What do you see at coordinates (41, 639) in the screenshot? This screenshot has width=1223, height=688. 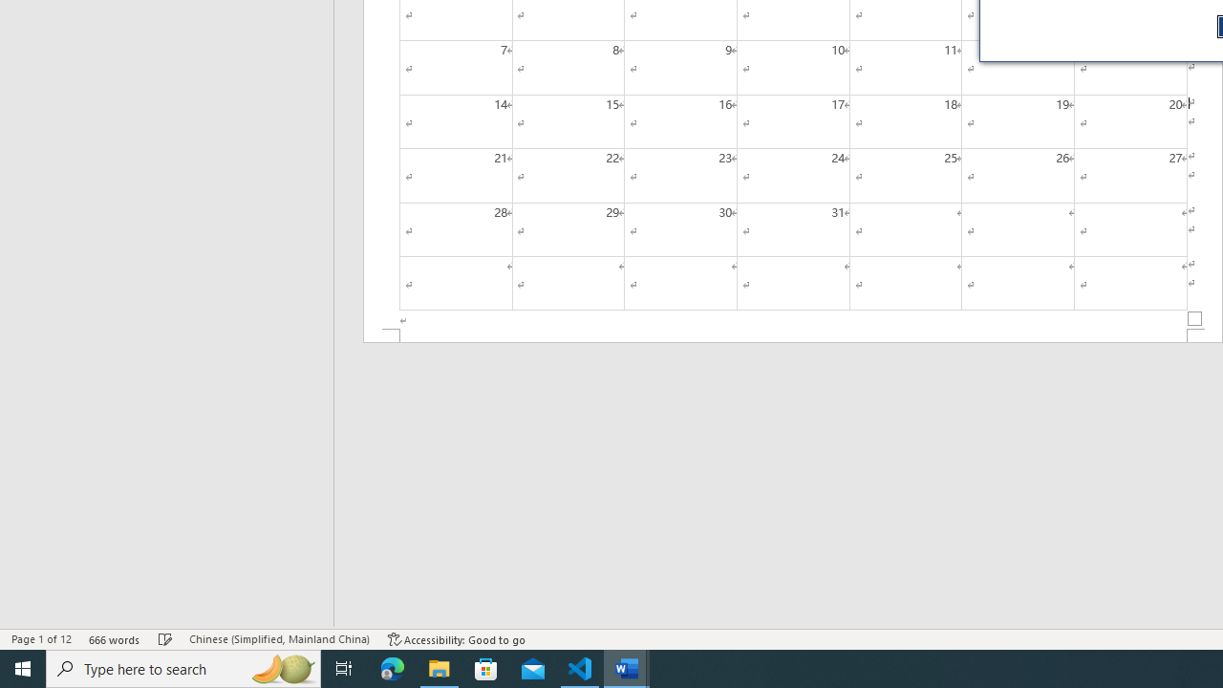 I see `'Page Number Page 1 of 12'` at bounding box center [41, 639].